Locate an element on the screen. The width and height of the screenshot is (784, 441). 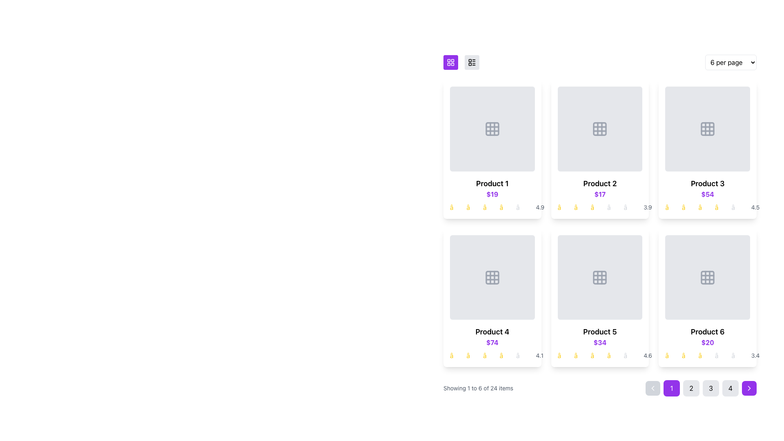
the rating information represented by the rating display with numerical annotation for 'Product 5', which shows four yellow stars and one gray star along with the text '4.6' is located at coordinates (600, 355).